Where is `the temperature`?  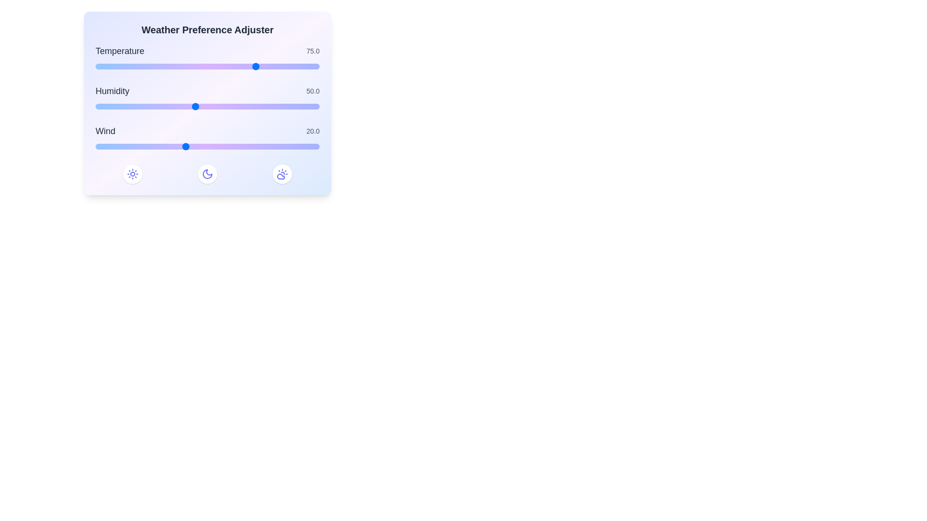
the temperature is located at coordinates (309, 66).